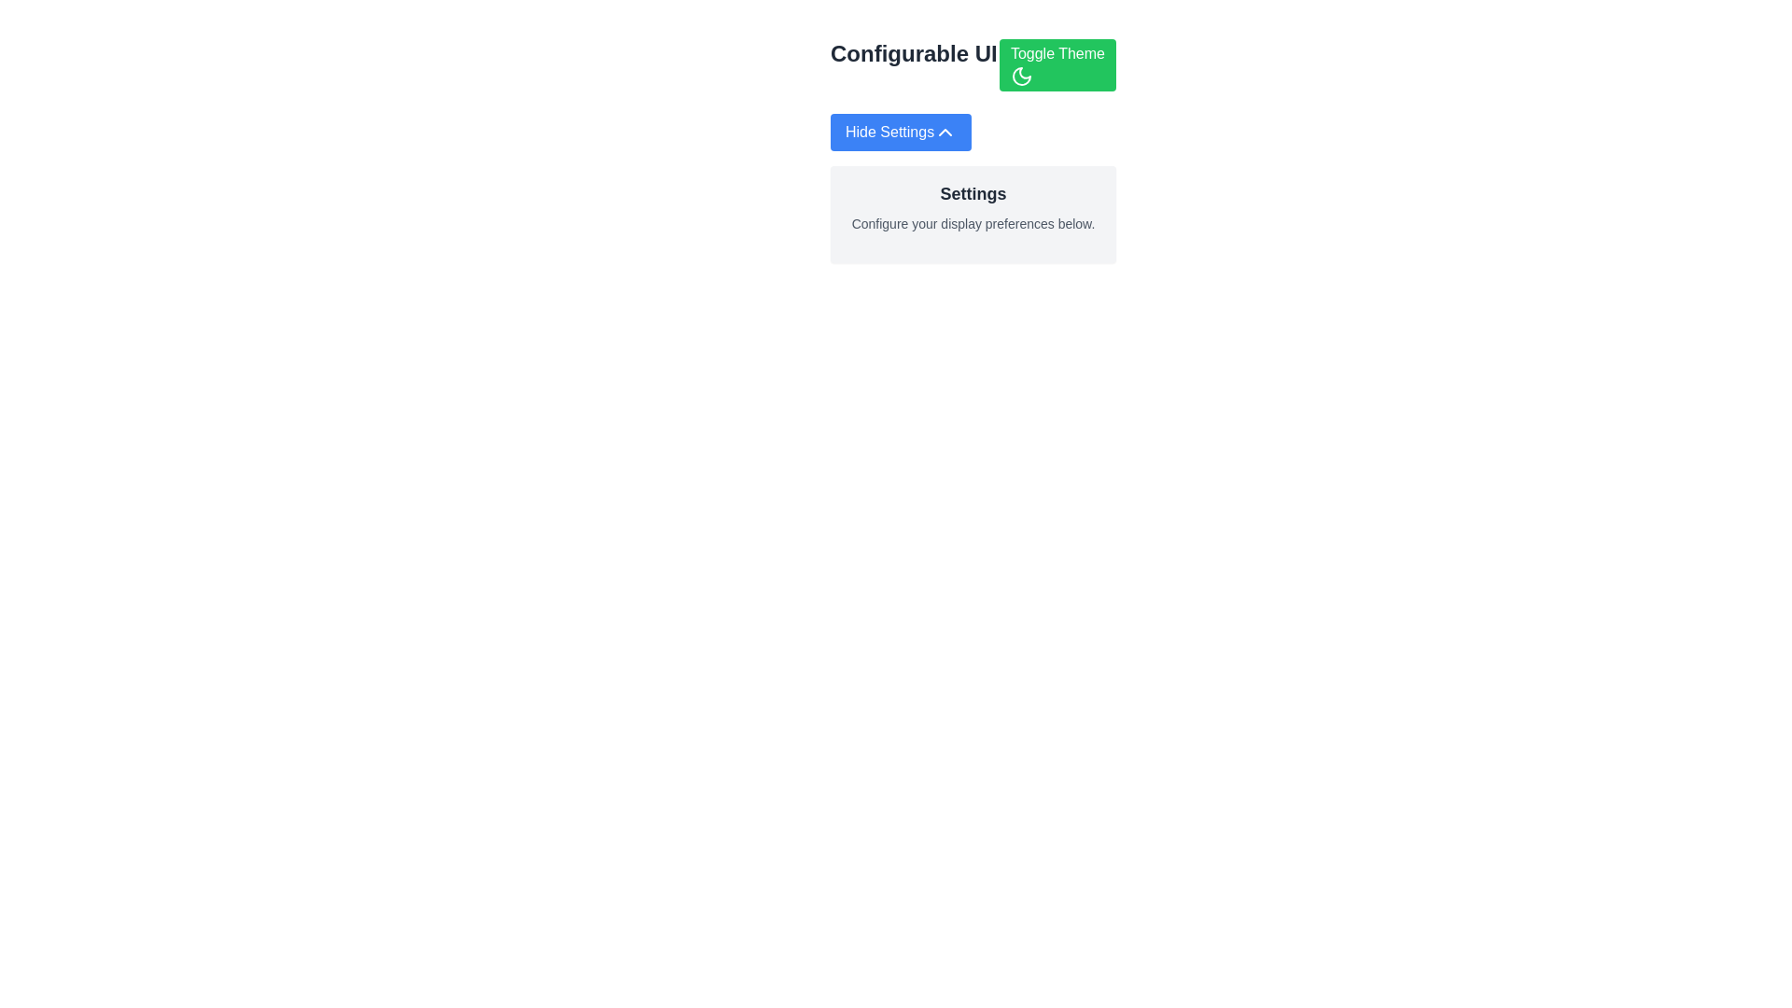 Image resolution: width=1792 pixels, height=1008 pixels. What do you see at coordinates (945, 132) in the screenshot?
I see `the chevron icon next to the 'Hide Settings' text` at bounding box center [945, 132].